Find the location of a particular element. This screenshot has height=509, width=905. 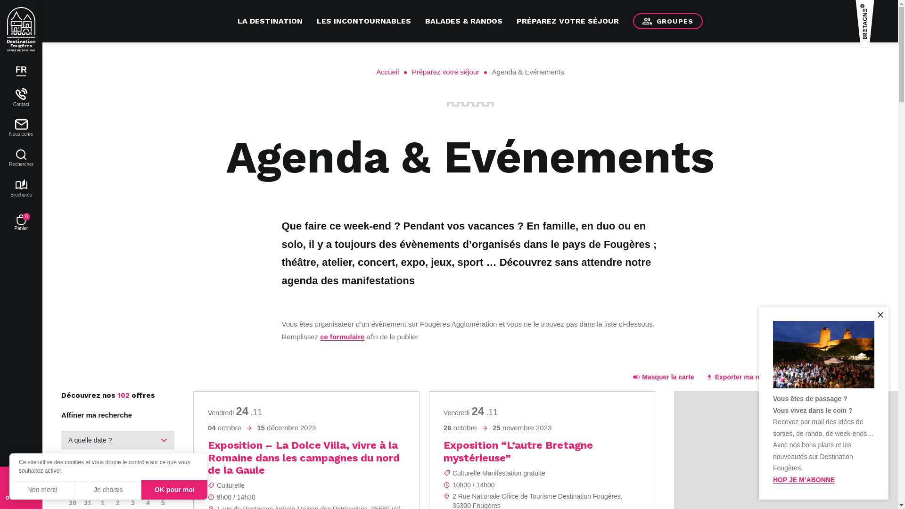

'BALADES & RANDOS' is located at coordinates (425, 21).